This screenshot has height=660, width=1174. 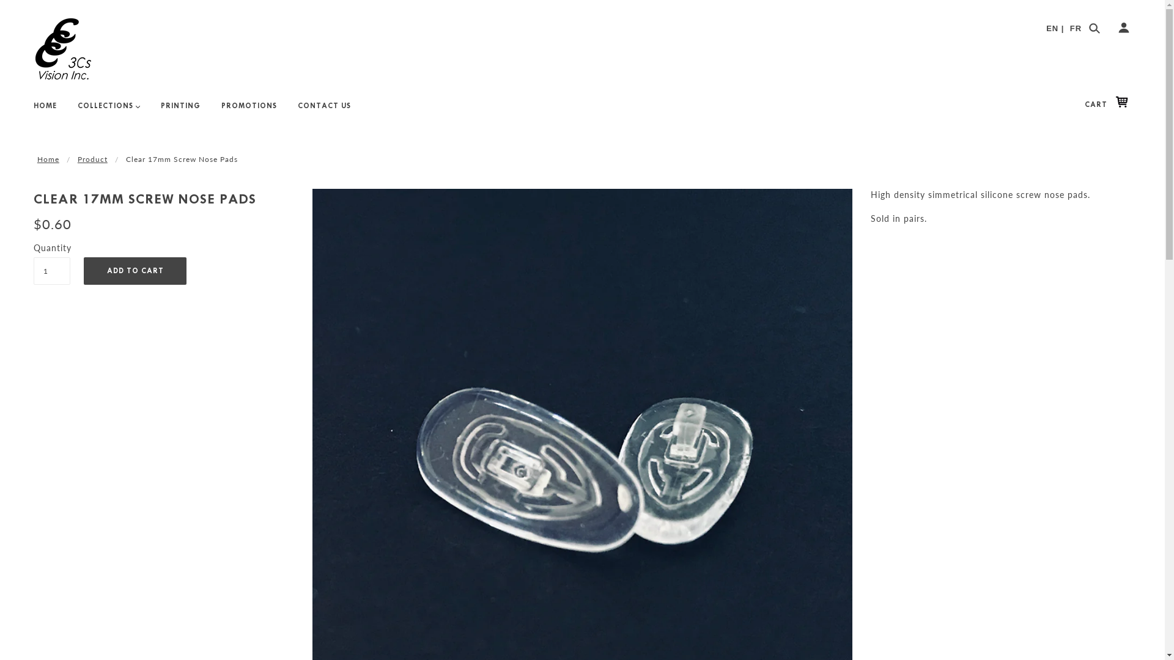 I want to click on 'Product', so click(x=92, y=158).